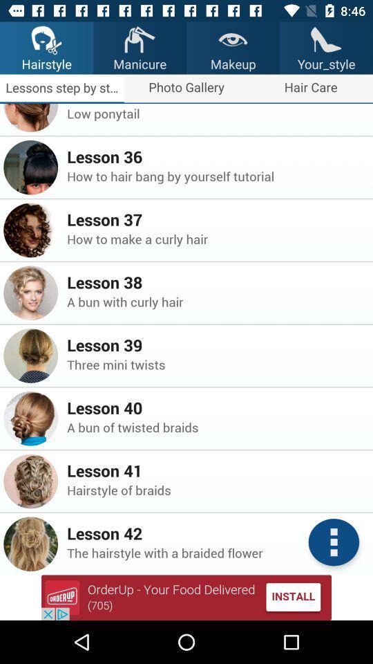 This screenshot has height=664, width=373. What do you see at coordinates (216, 113) in the screenshot?
I see `the item below lesson 35 icon` at bounding box center [216, 113].